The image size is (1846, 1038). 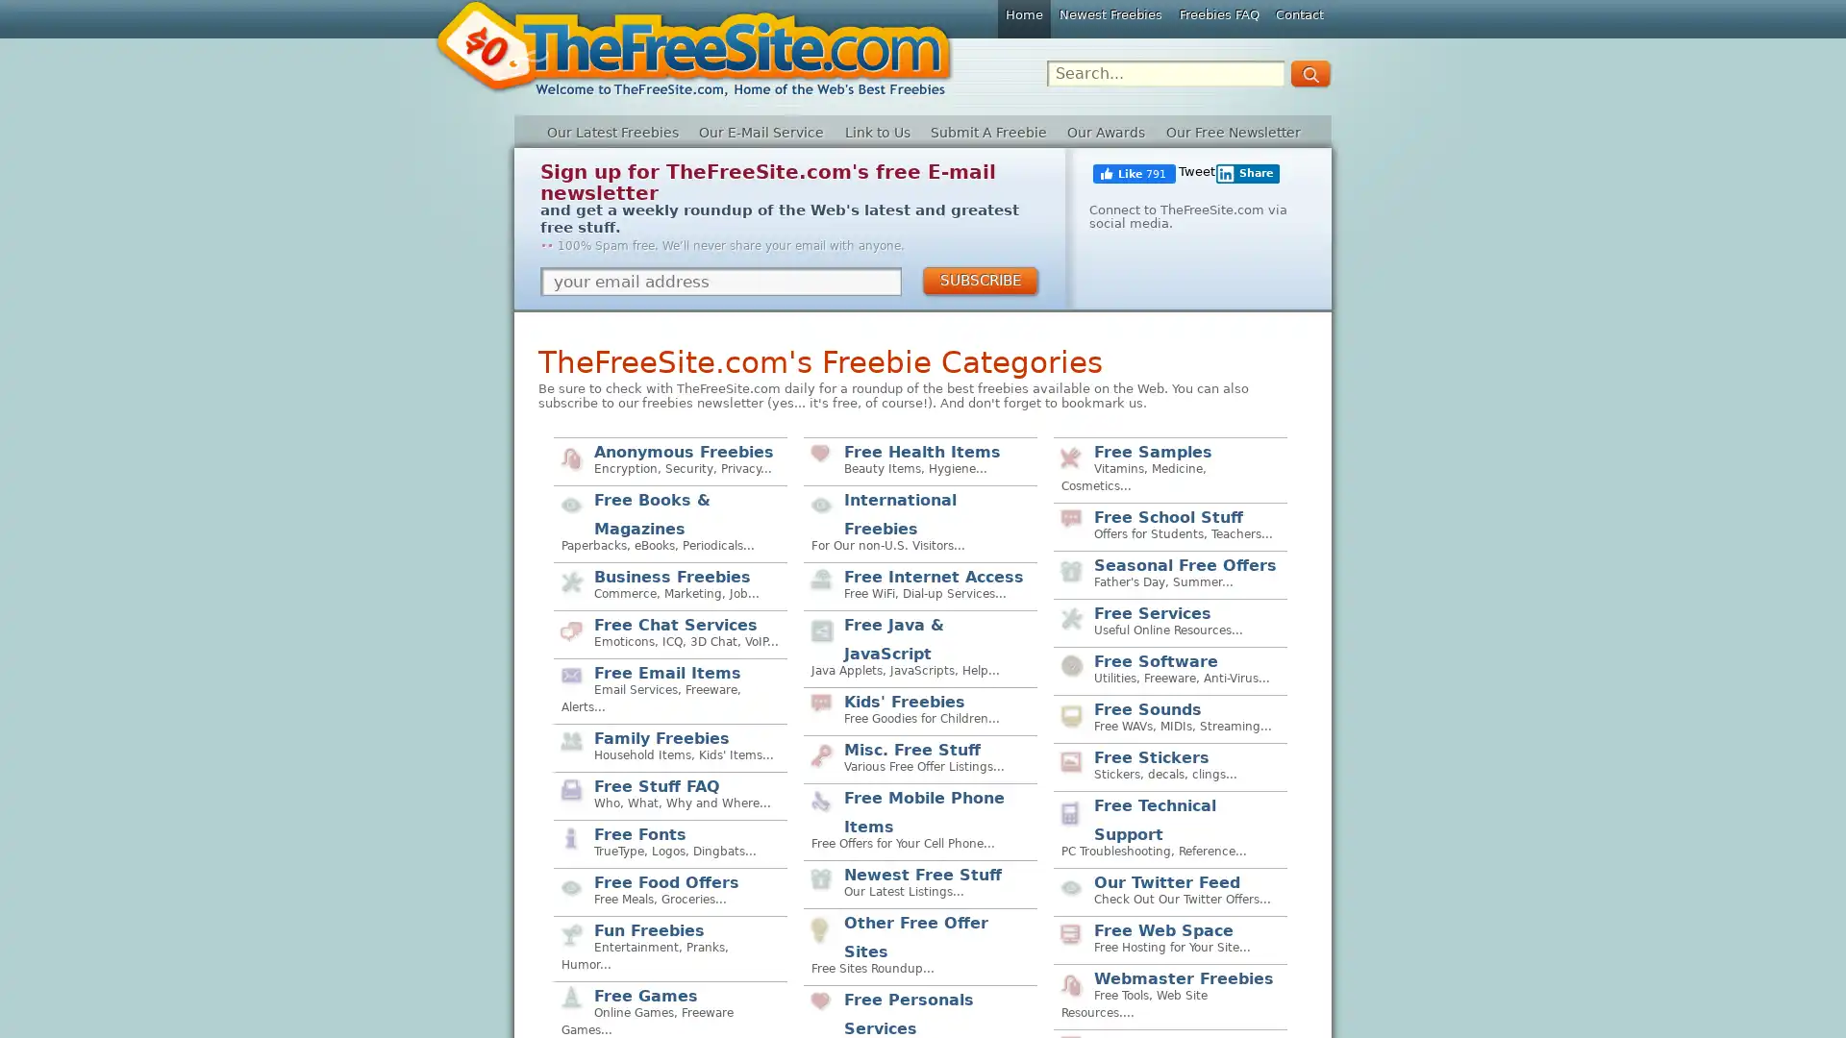 What do you see at coordinates (1283, 174) in the screenshot?
I see `Share` at bounding box center [1283, 174].